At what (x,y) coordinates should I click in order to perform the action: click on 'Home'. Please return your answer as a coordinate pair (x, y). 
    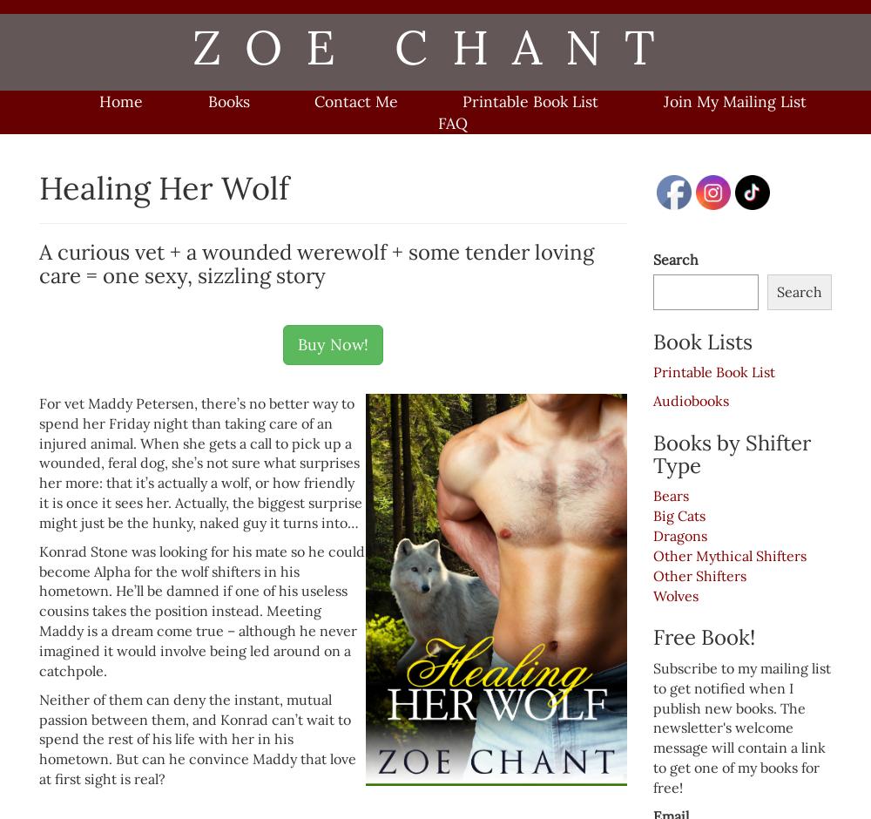
    Looking at the image, I should click on (121, 100).